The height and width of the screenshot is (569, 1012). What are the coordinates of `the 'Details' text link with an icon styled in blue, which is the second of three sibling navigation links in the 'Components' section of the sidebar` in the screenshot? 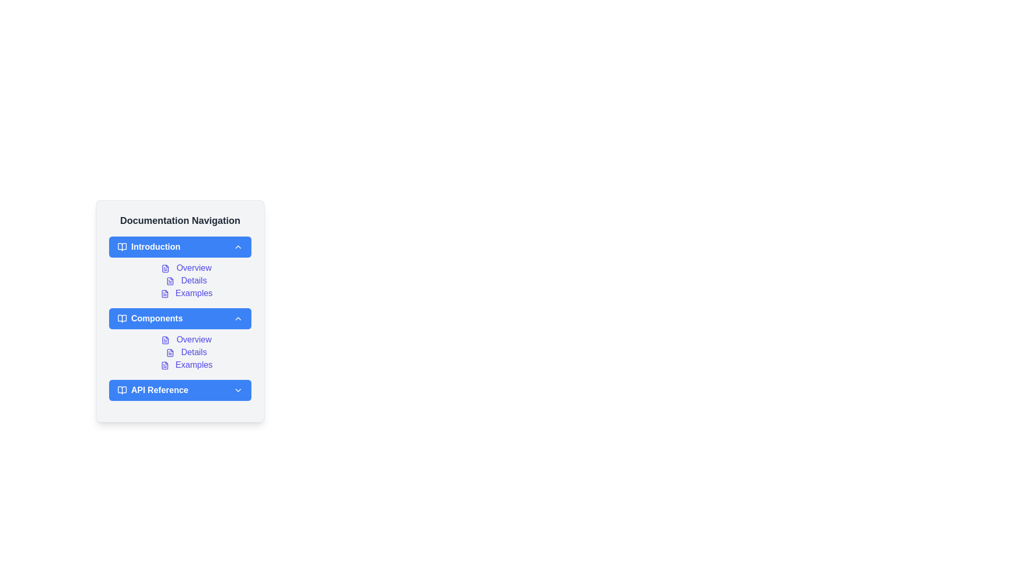 It's located at (187, 352).